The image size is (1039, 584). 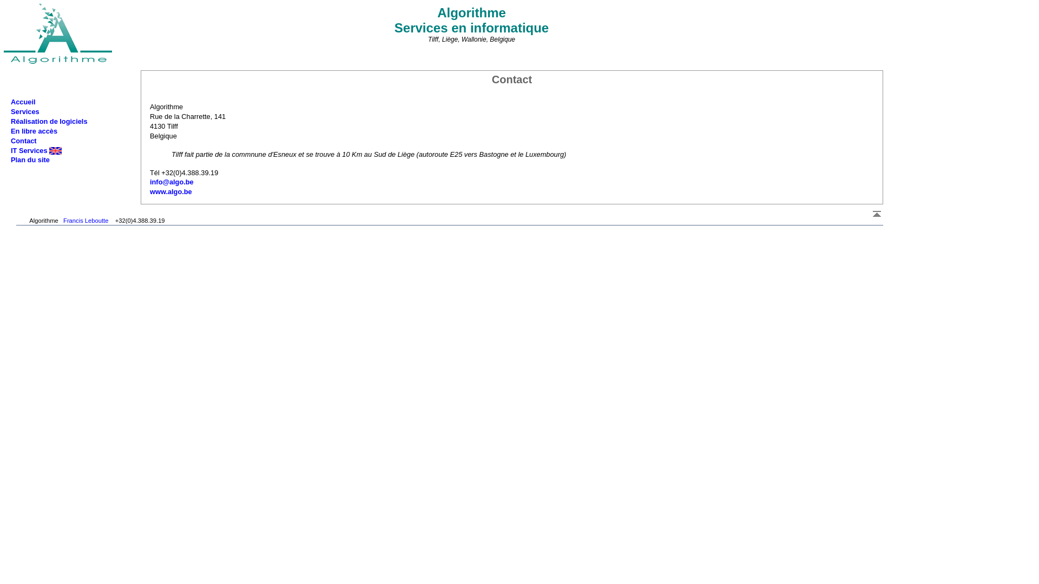 I want to click on 'Accueil', so click(x=10, y=102).